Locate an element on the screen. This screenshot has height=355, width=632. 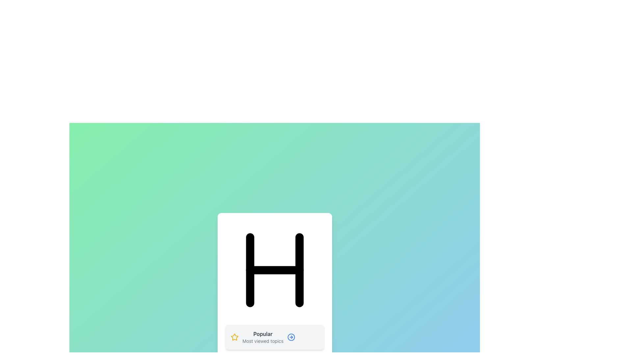
the decorative icon located to the immediate left of the 'Popular' text, which signifies popularity in the UI is located at coordinates (234, 337).